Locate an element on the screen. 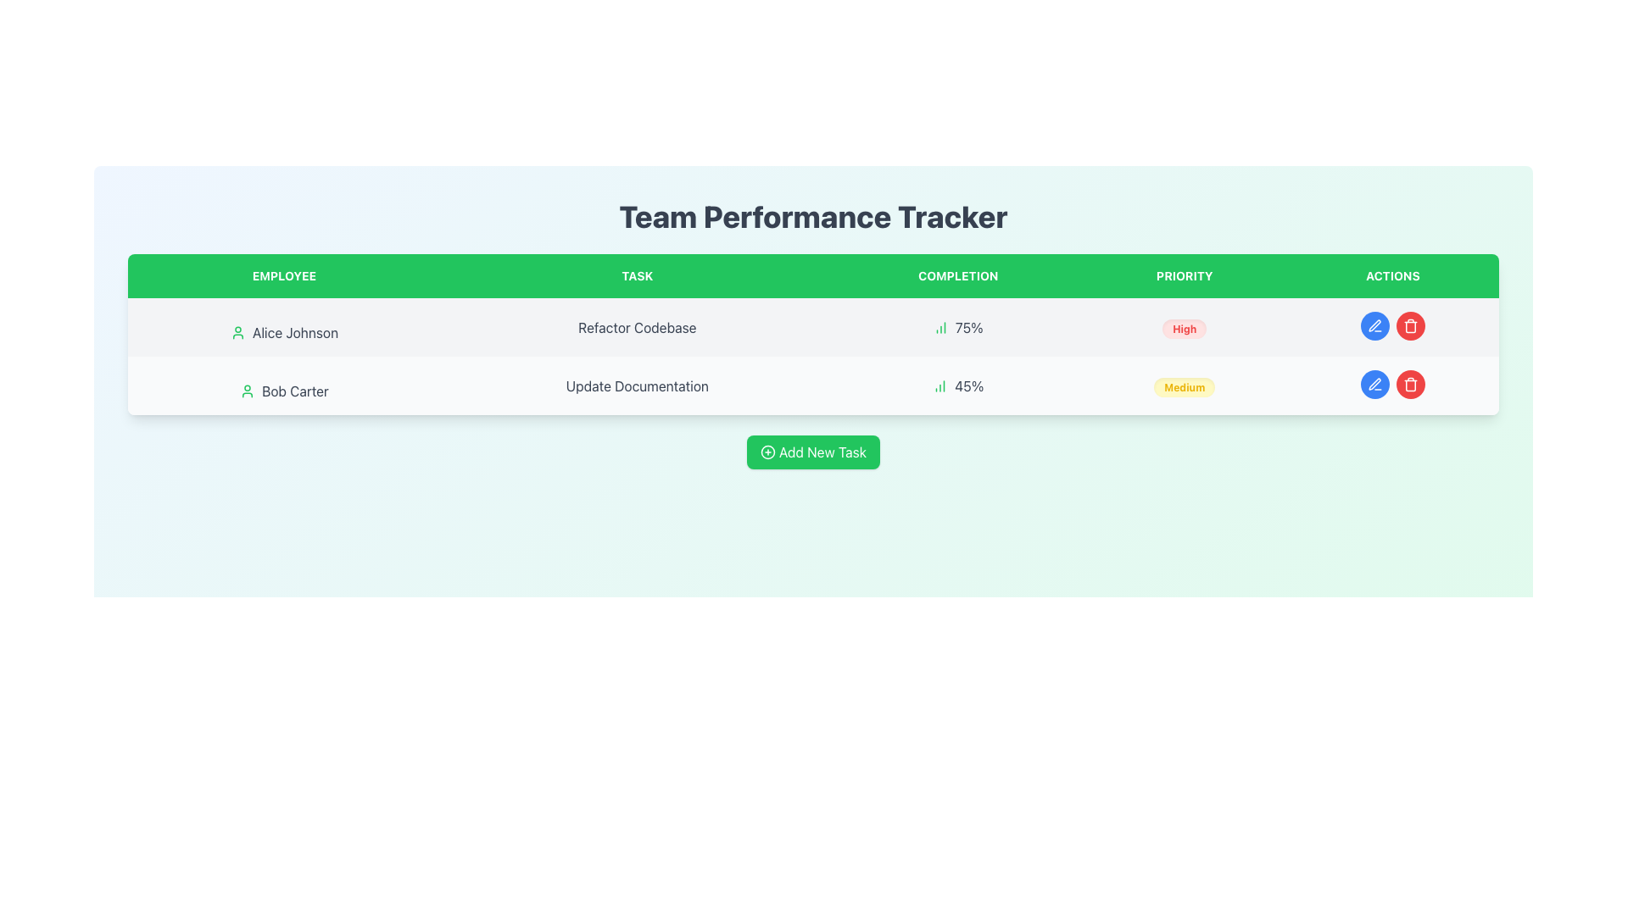  text content of the Progress indicator displaying the completion percentage for the task 'Refactor Codebase' performed by 'Alice Johnson', located in the third column labeled 'COMPLETION' in the performance tracker is located at coordinates (958, 327).